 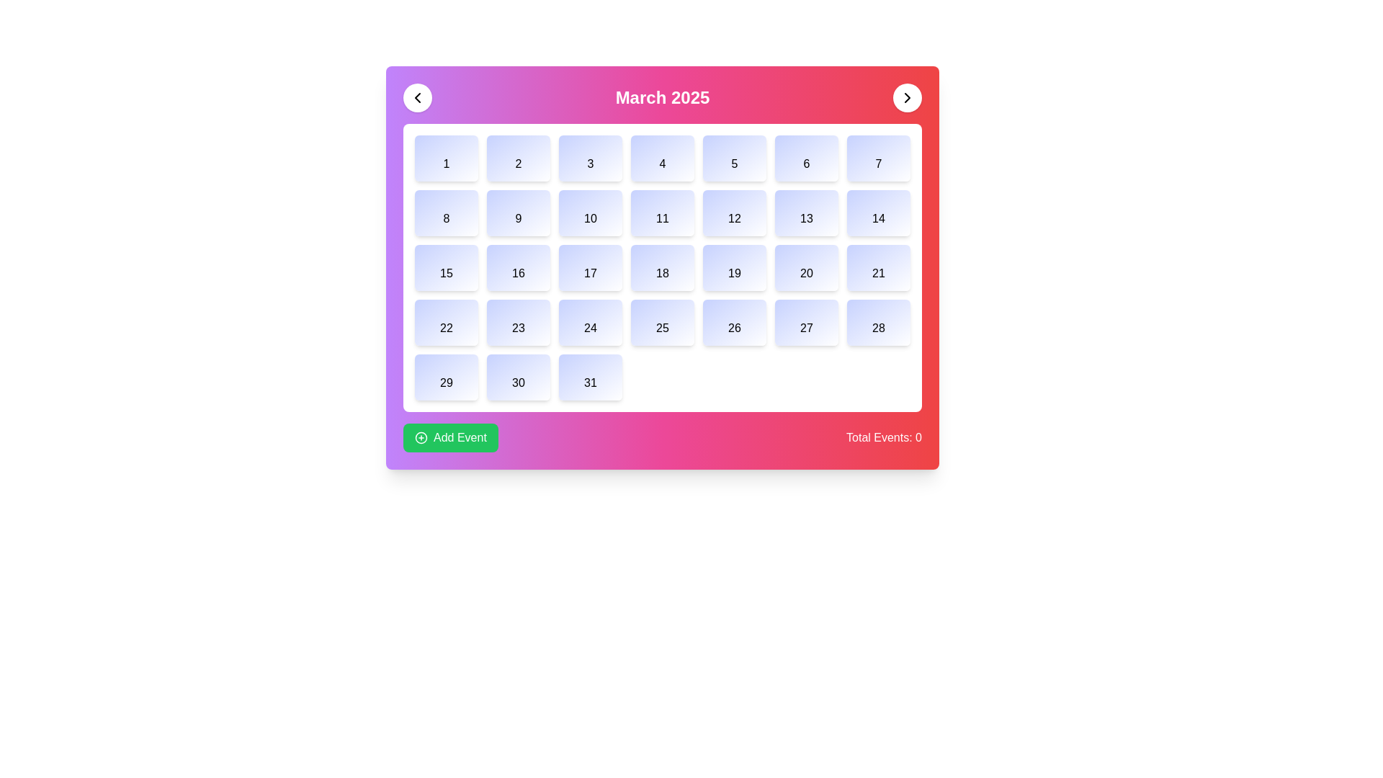 What do you see at coordinates (662, 321) in the screenshot?
I see `the rectangular button with a gradient background displaying the number '25', located in the fourth row and fourth column of the grid layout` at bounding box center [662, 321].